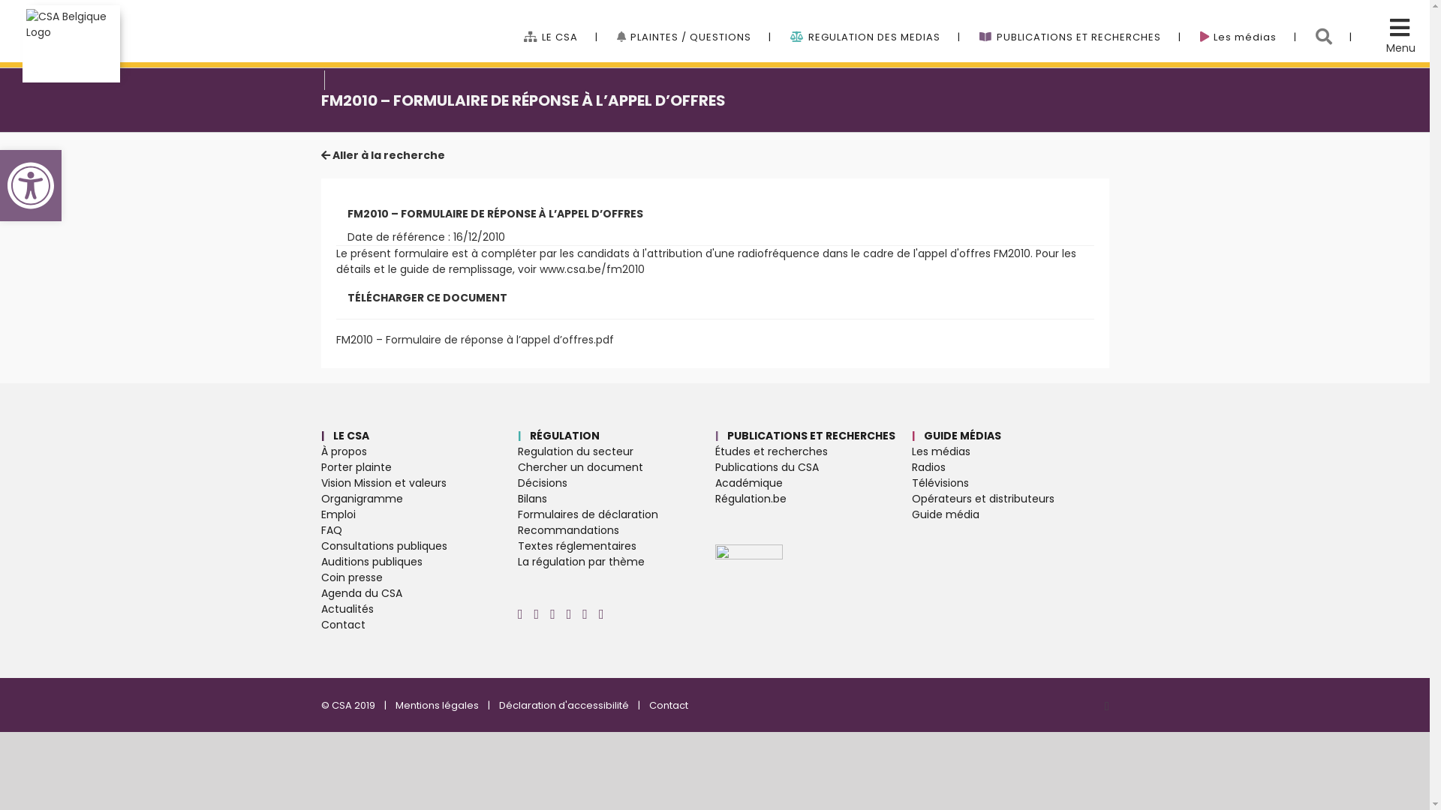 This screenshot has width=1441, height=810. Describe the element at coordinates (520, 613) in the screenshot. I see `'Instagram'` at that location.